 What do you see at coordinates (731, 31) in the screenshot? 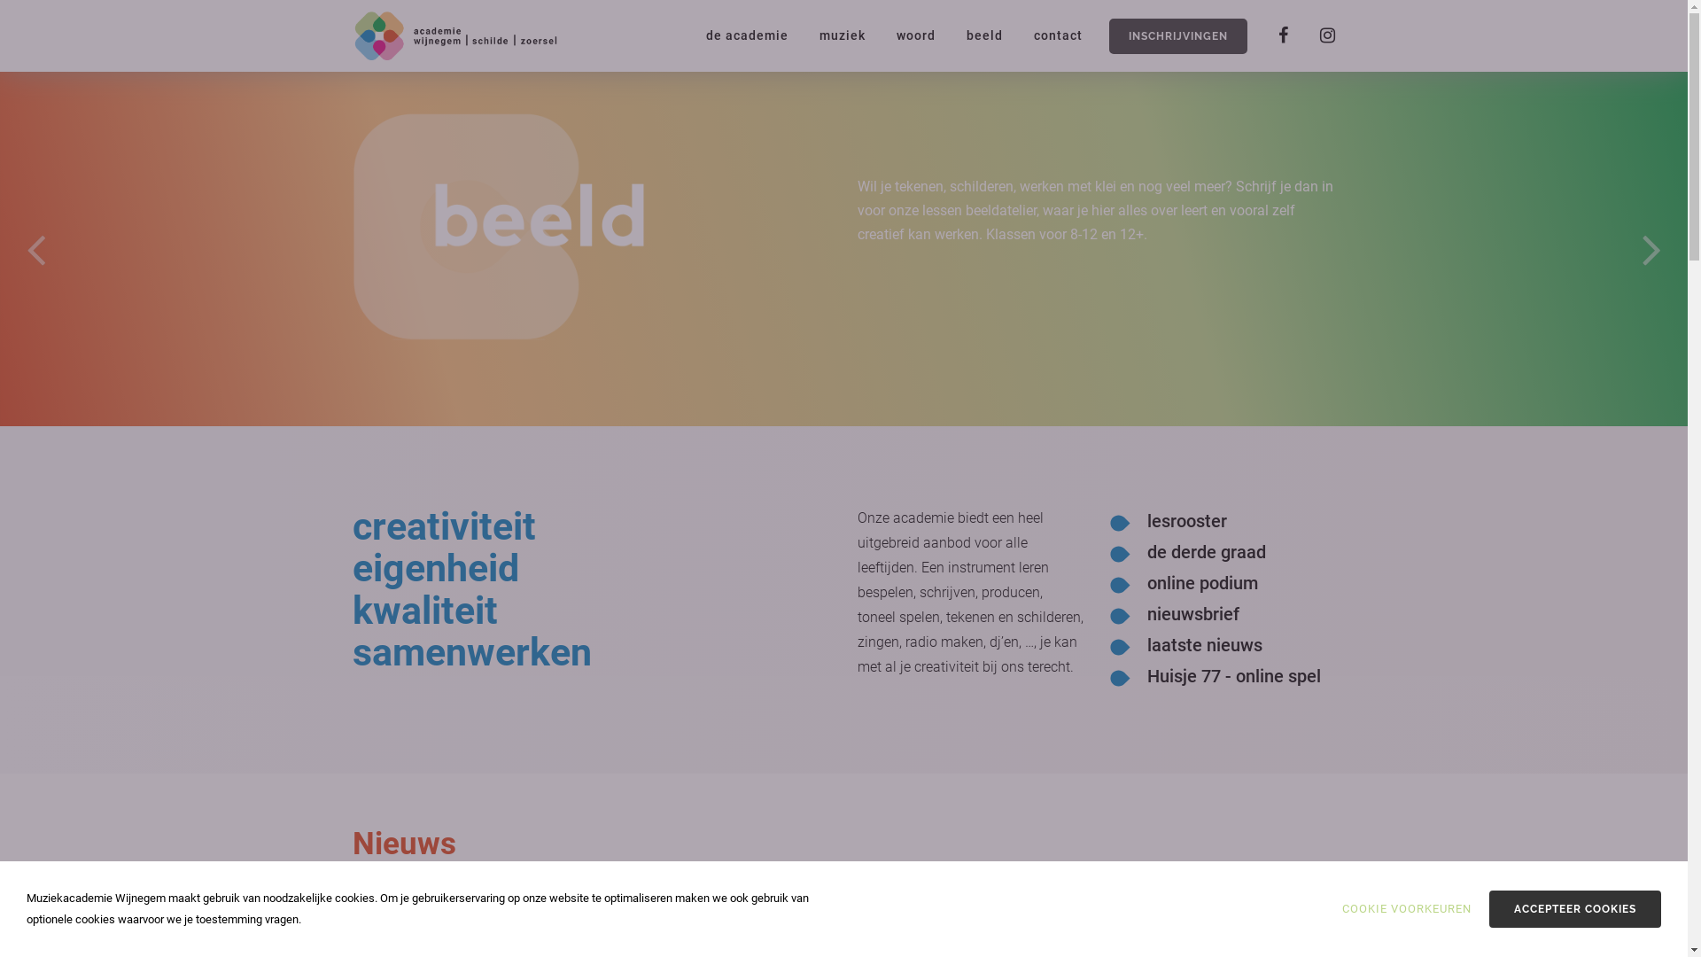
I see `'de academie'` at bounding box center [731, 31].